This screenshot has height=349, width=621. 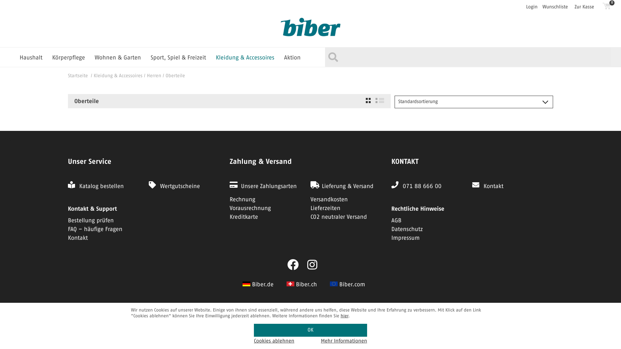 I want to click on 'Aktion', so click(x=284, y=57).